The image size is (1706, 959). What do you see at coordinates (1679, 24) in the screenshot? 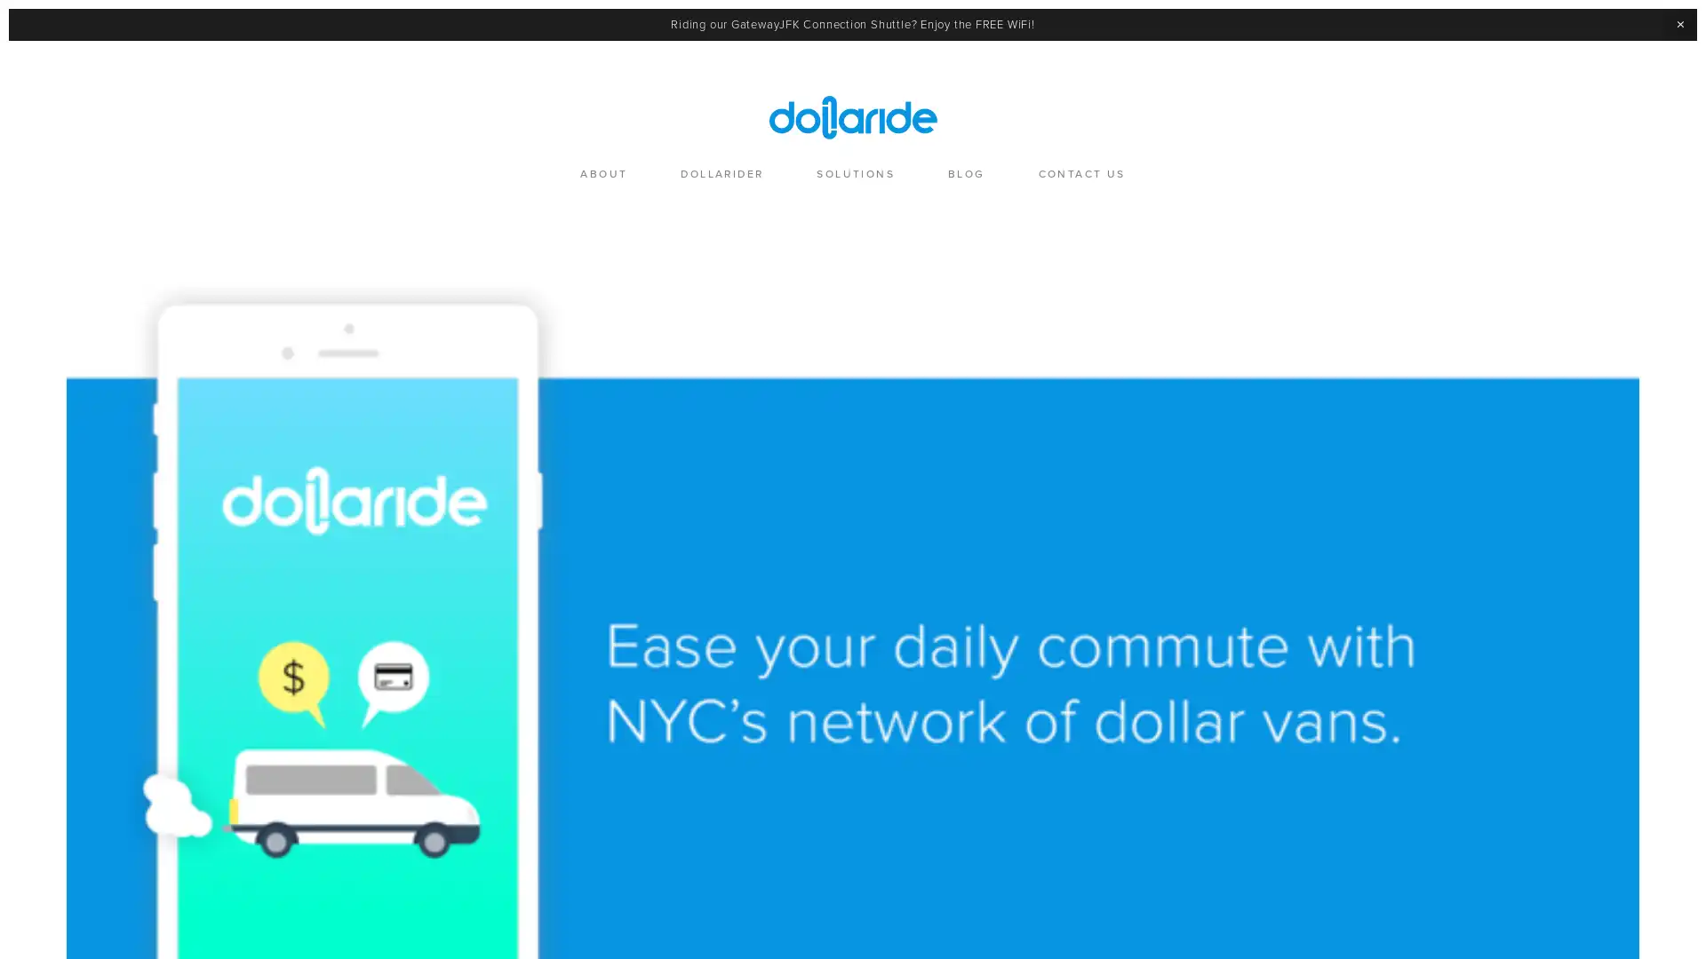
I see `Close Announcement` at bounding box center [1679, 24].